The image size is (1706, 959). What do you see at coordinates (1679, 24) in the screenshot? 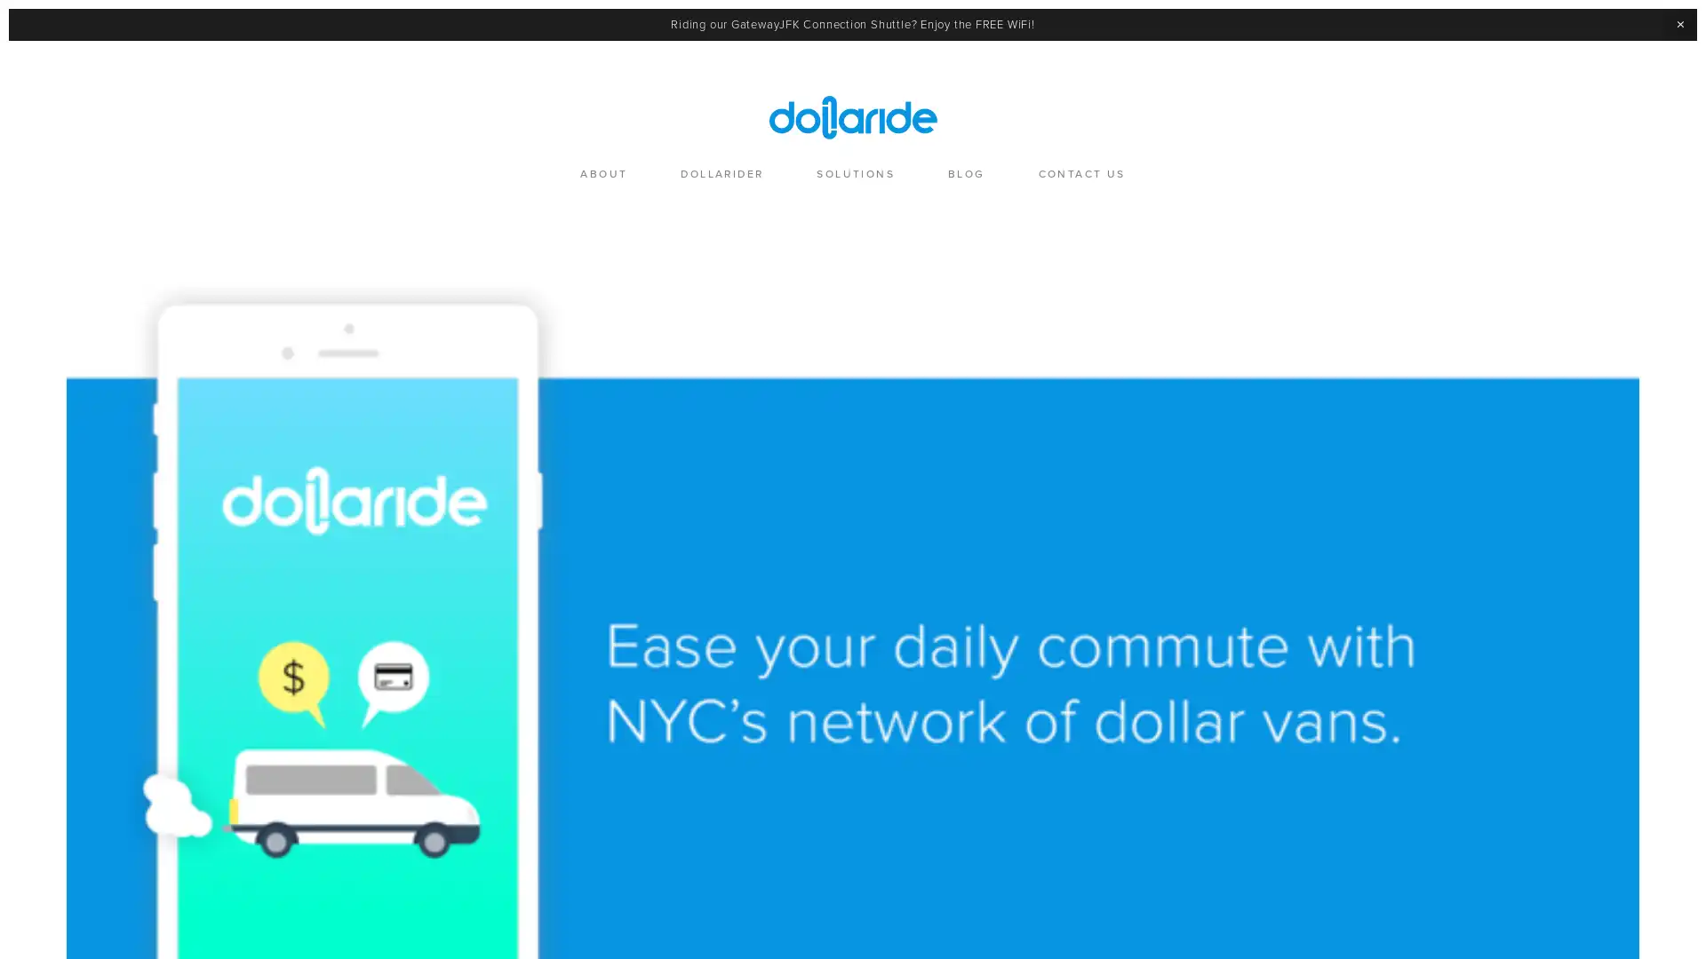
I see `Close Announcement` at bounding box center [1679, 24].